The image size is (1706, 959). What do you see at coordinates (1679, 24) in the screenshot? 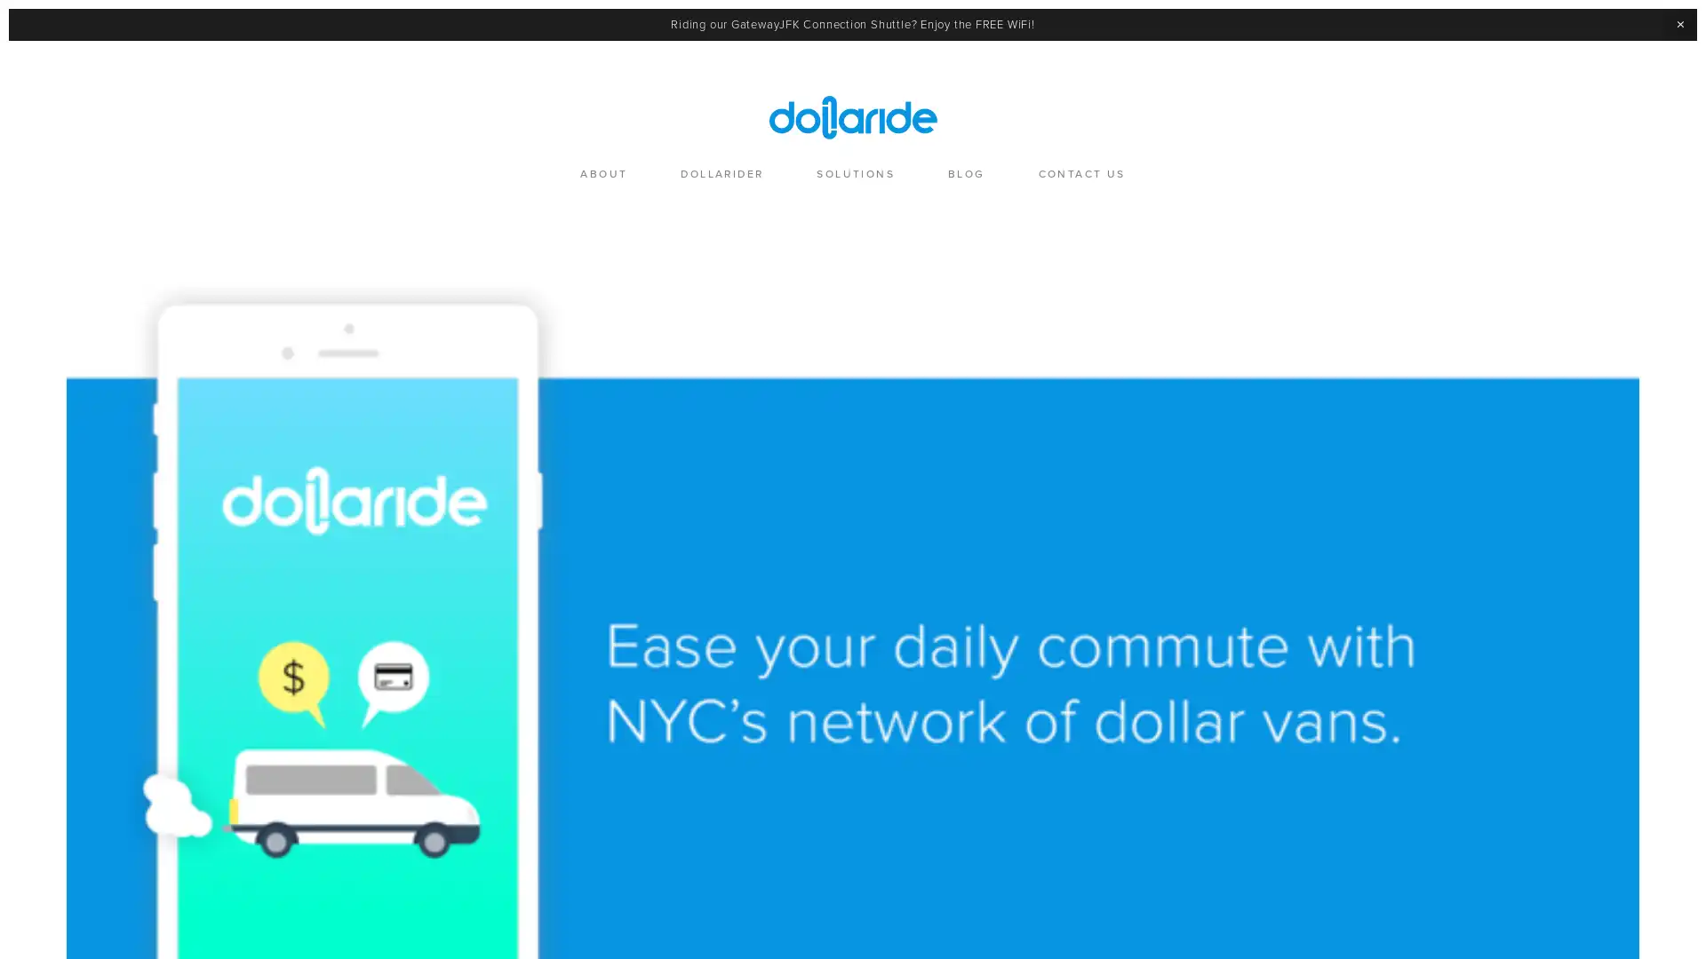
I see `Close Announcement` at bounding box center [1679, 24].